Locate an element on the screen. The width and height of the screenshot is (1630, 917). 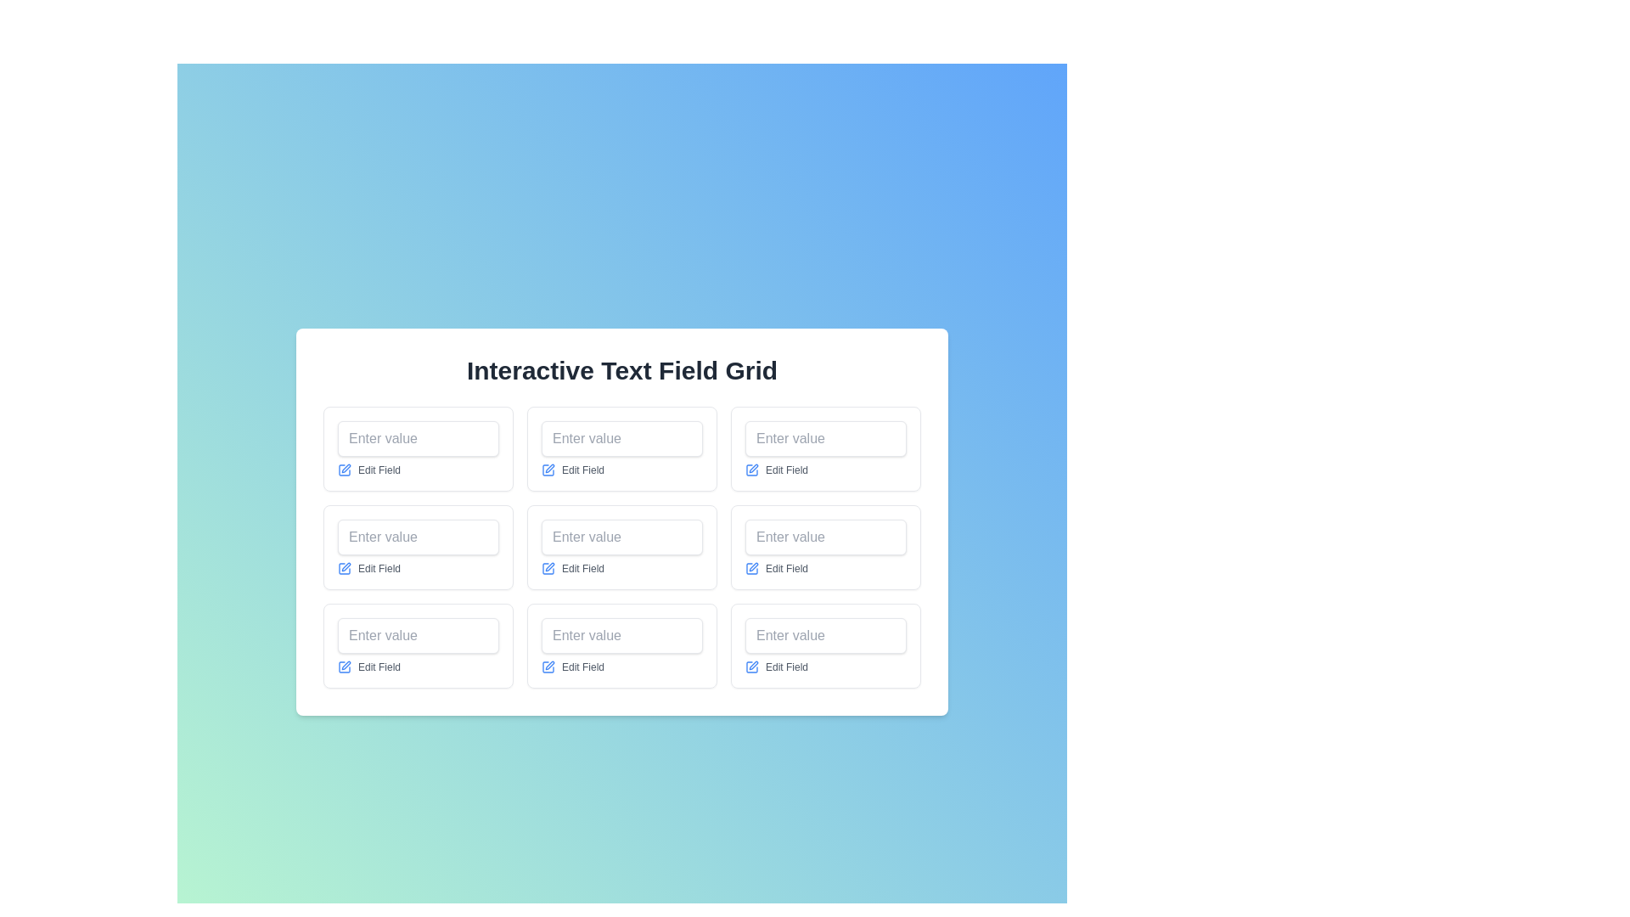
the blue square pen icon located in the 'Edit Field' section to initiate an edit action is located at coordinates (548, 470).